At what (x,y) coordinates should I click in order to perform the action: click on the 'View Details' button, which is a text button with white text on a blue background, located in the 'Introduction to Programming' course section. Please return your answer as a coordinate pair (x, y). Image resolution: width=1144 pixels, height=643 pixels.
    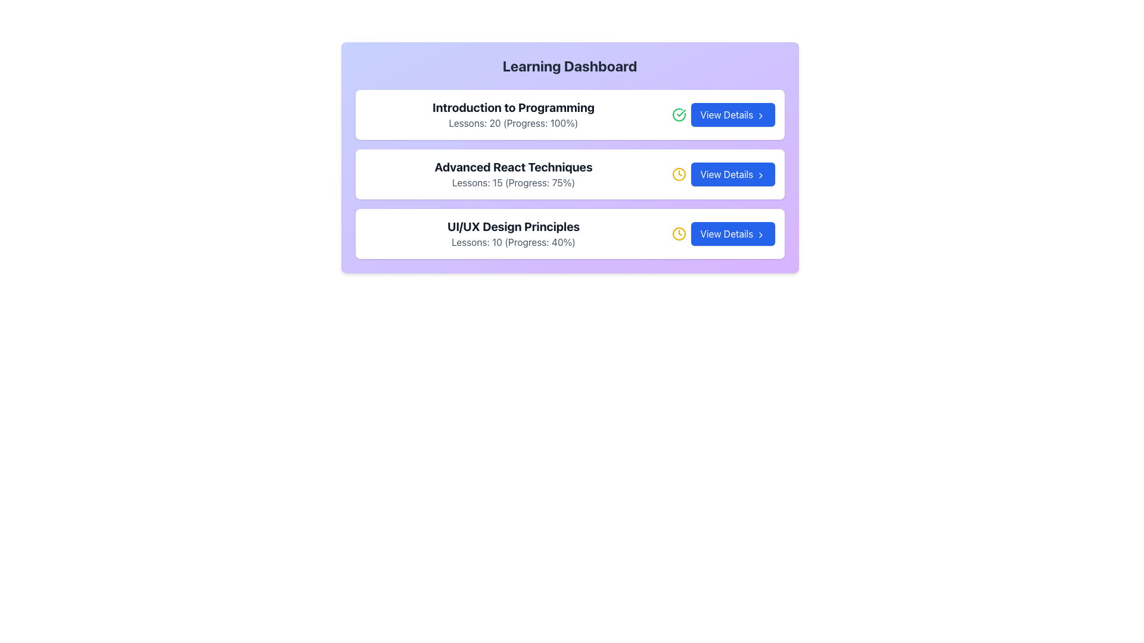
    Looking at the image, I should click on (723, 114).